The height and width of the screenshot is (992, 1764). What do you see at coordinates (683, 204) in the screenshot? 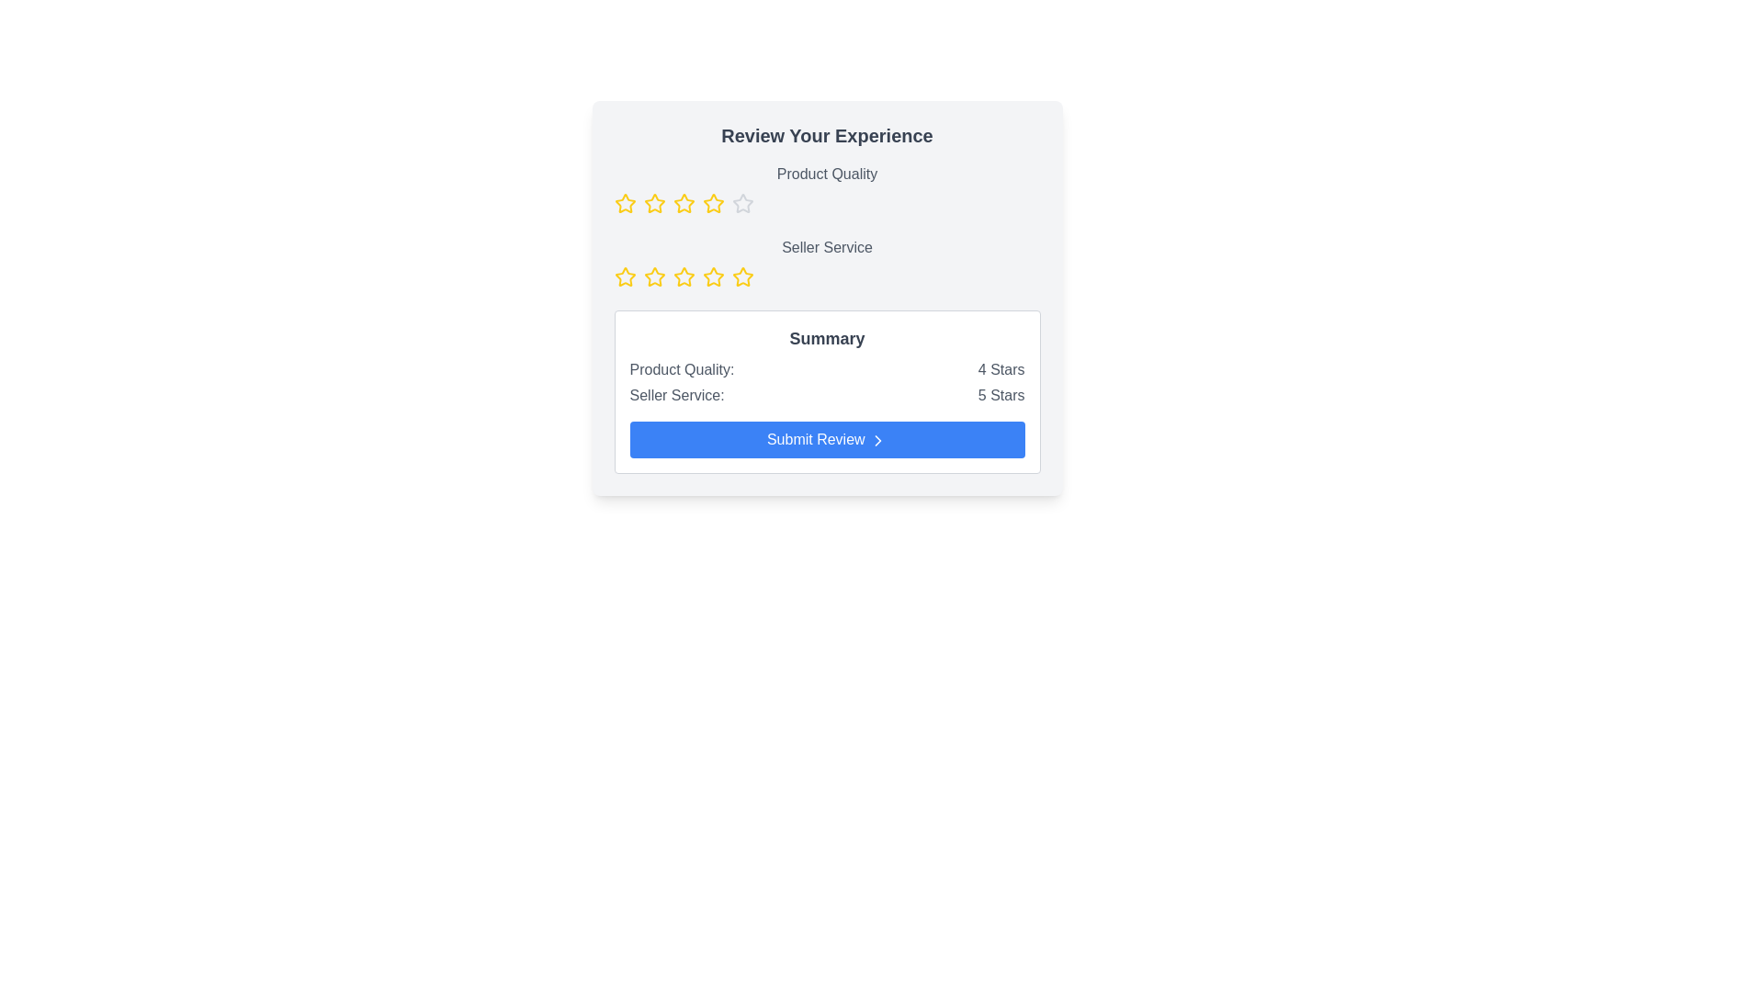
I see `the fourth star icon in the rating system, which is bright yellow and outlined in bold, located below the 'Product Quality' text` at bounding box center [683, 204].